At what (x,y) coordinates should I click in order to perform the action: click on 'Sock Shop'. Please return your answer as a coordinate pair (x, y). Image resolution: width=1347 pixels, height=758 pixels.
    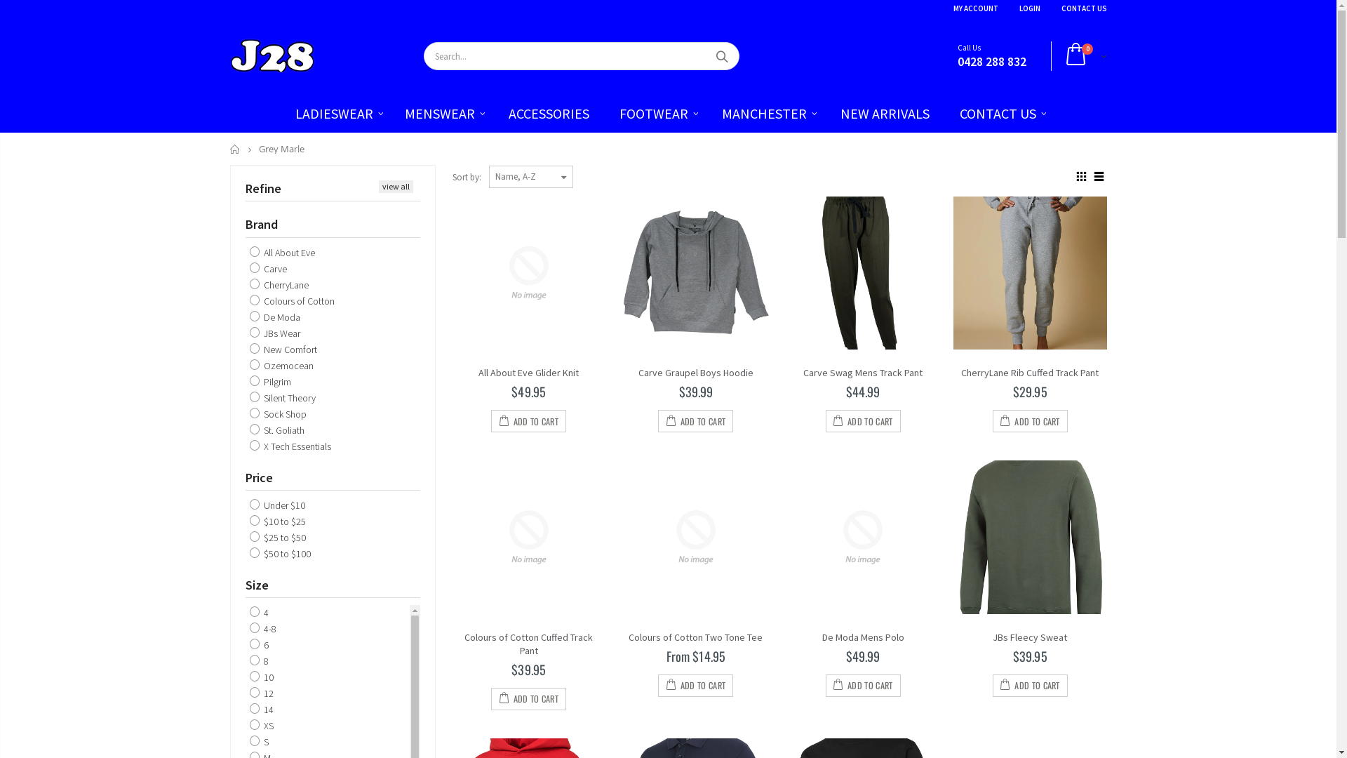
    Looking at the image, I should click on (278, 413).